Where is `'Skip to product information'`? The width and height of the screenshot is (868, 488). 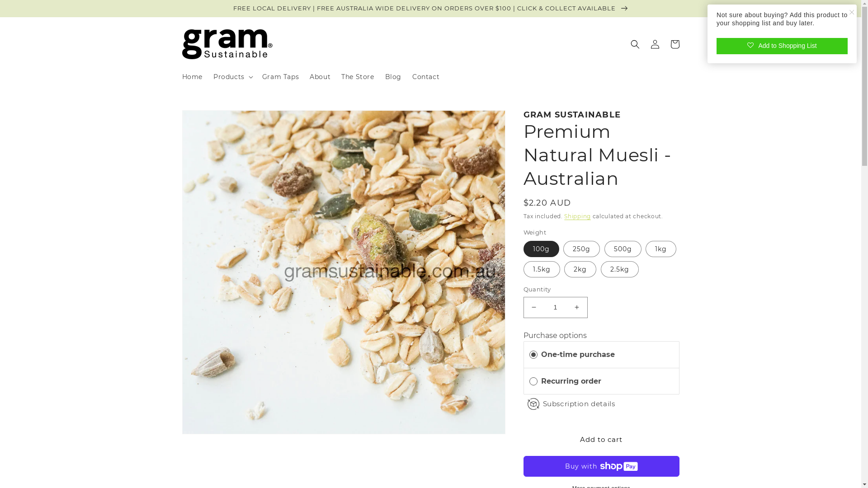
'Skip to product information' is located at coordinates (210, 121).